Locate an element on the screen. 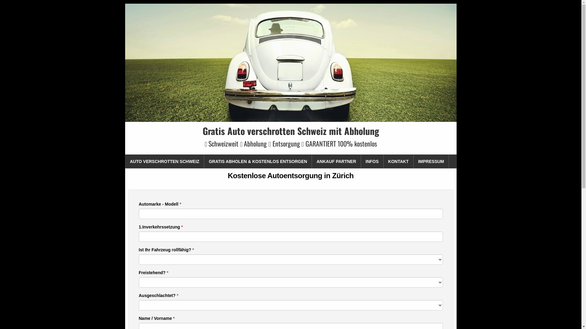 The image size is (586, 329). 'ANKAUF PARTNER' is located at coordinates (336, 161).